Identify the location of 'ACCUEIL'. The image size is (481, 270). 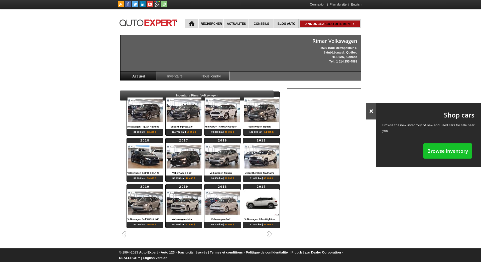
(191, 23).